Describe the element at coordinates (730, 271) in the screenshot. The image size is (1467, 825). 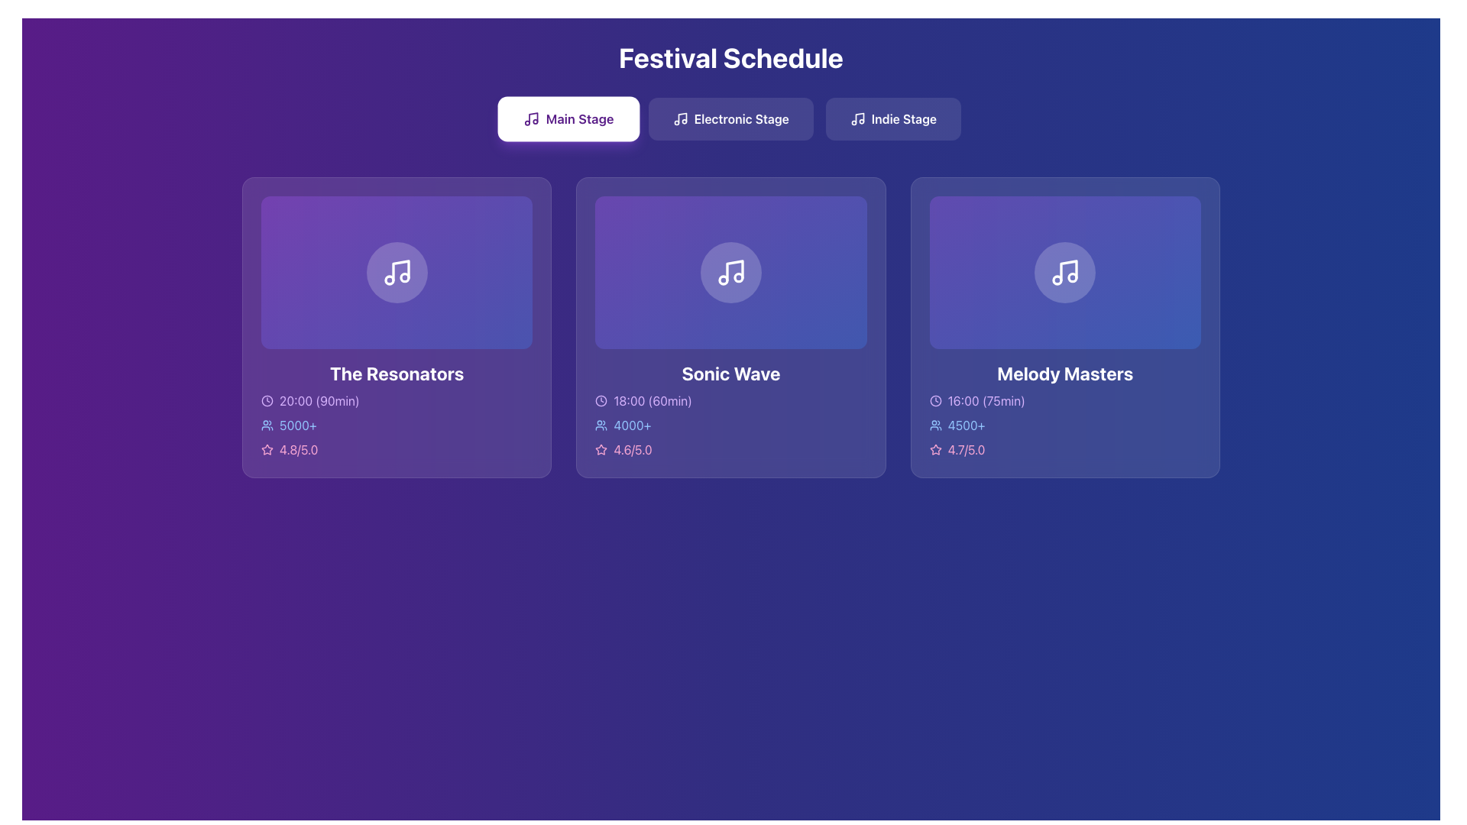
I see `the music icon that symbolizes the 'Sonic Wave' event, centrally placed in the 'Sonic Wave' panel under the 'Festival Schedule' heading` at that location.